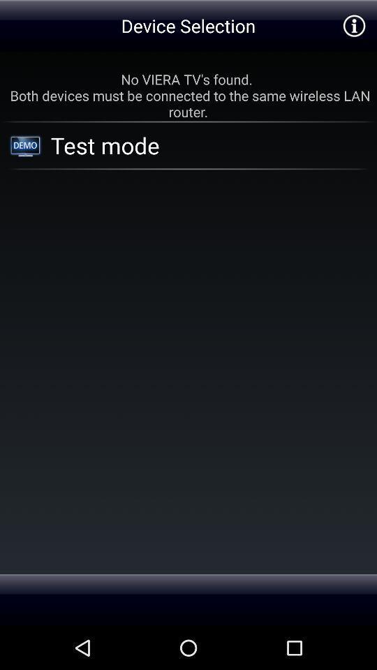  I want to click on the app below the no viera tv, so click(191, 145).